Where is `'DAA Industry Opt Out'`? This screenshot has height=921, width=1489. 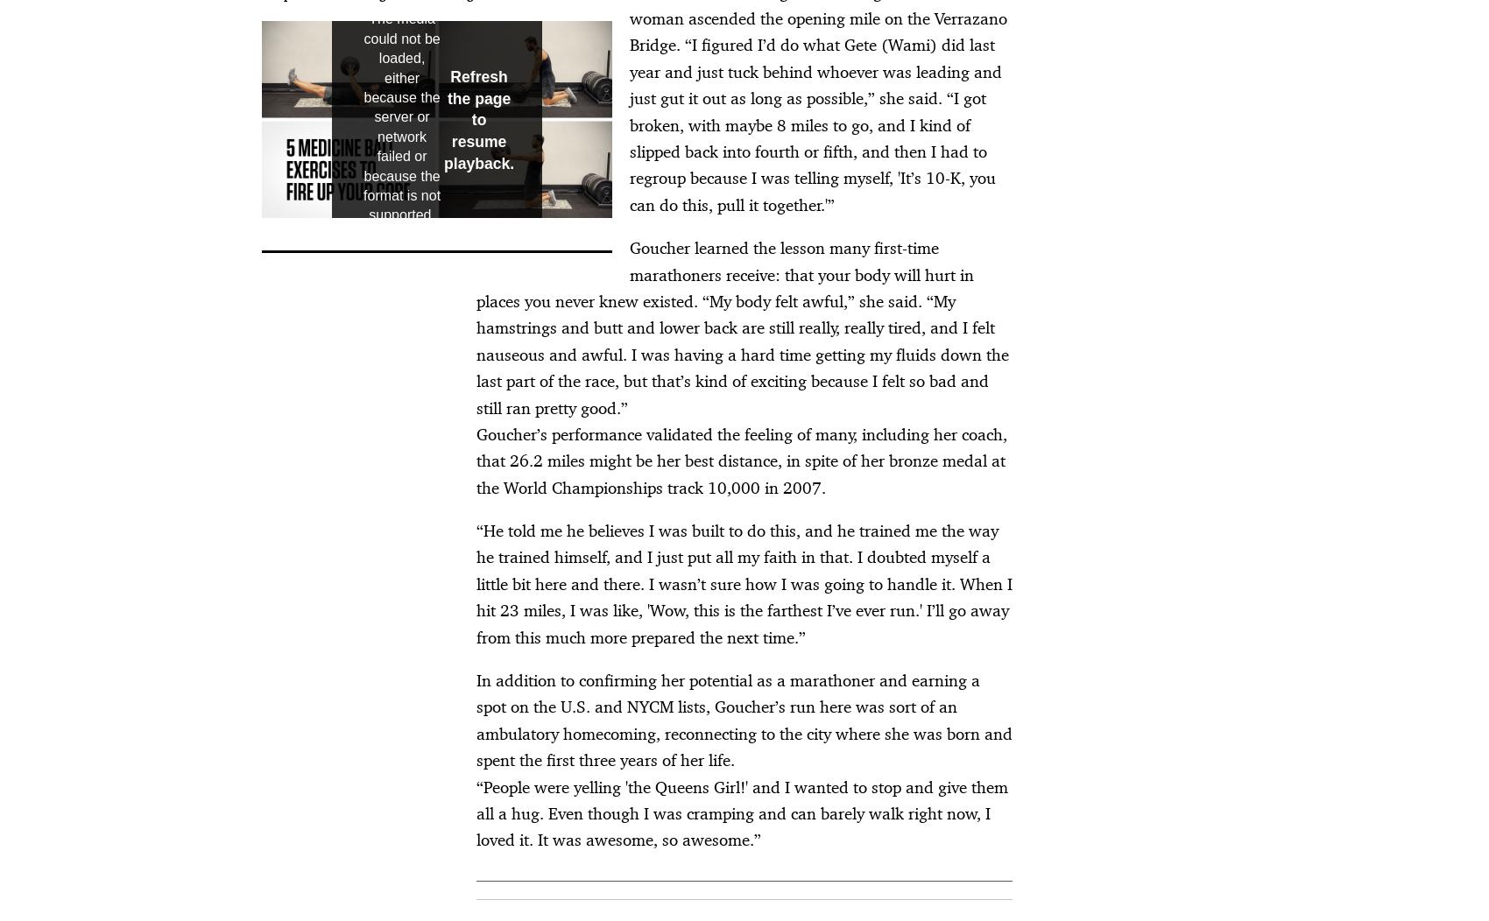
'DAA Industry Opt Out' is located at coordinates (791, 784).